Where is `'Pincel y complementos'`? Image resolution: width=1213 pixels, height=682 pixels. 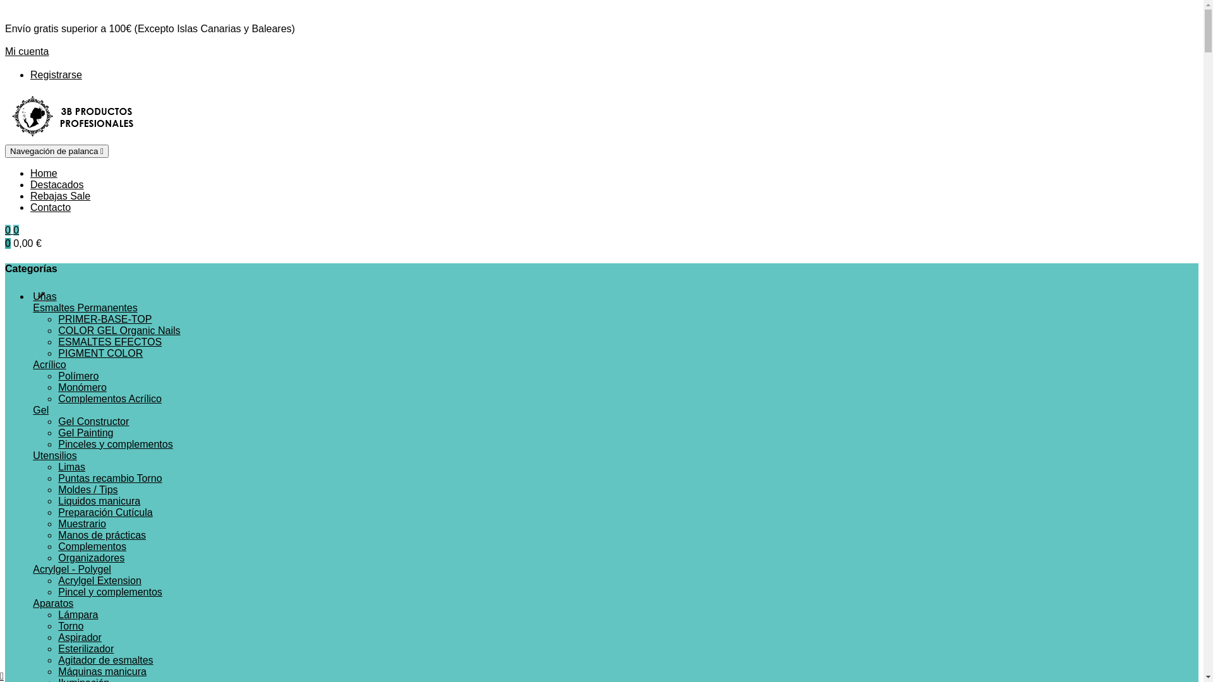
'Pincel y complementos' is located at coordinates (110, 592).